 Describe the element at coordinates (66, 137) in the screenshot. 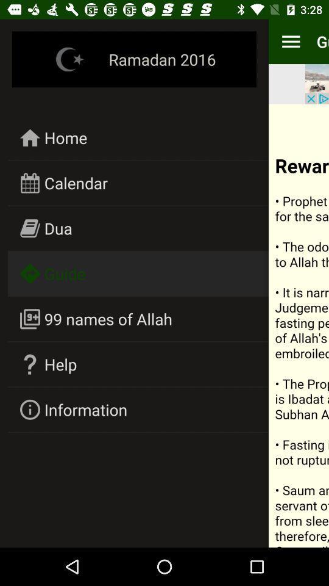

I see `home icon` at that location.